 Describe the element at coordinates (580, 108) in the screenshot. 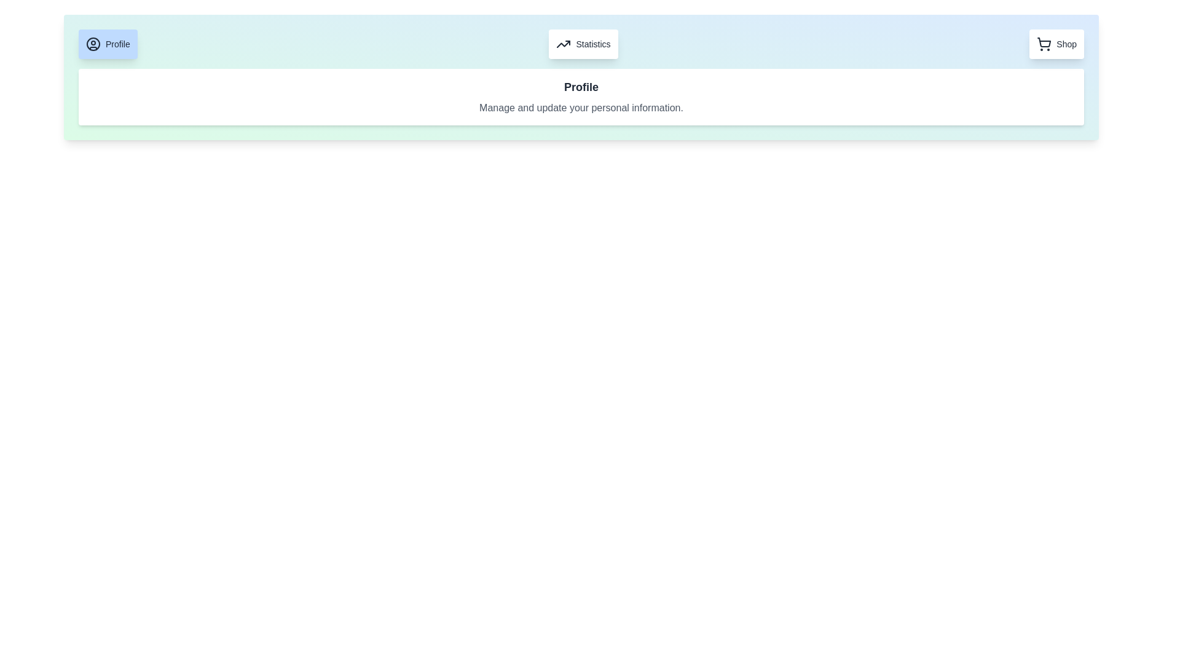

I see `text from the Text Block that provides supplementary information about managing and updating personal information in the profile section, located below the 'Profile' label` at that location.